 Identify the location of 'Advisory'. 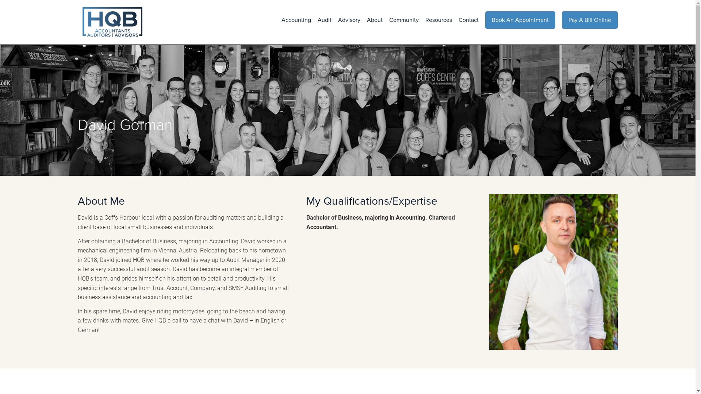
(331, 19).